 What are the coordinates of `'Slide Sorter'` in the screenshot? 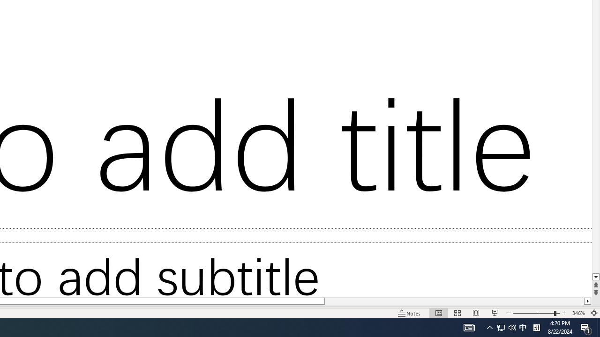 It's located at (457, 313).